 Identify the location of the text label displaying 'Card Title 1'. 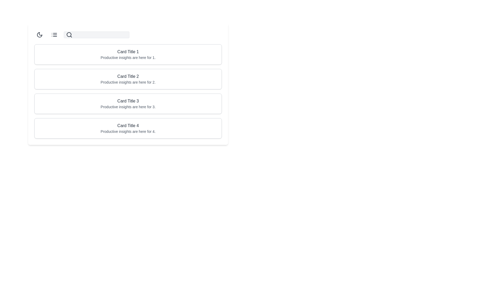
(128, 52).